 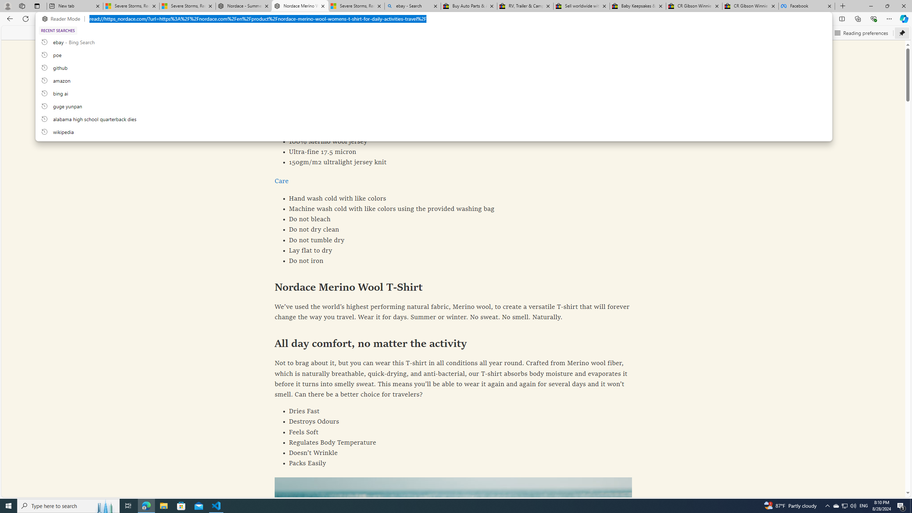 What do you see at coordinates (453, 261) in the screenshot?
I see `'Do not iron'` at bounding box center [453, 261].